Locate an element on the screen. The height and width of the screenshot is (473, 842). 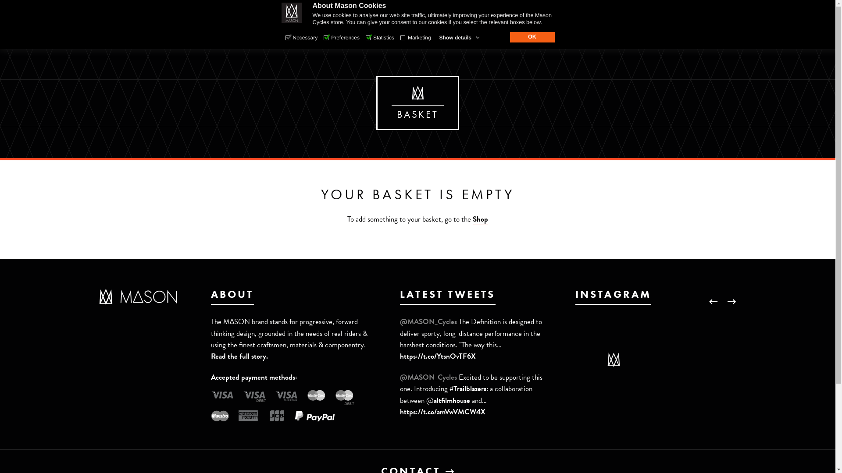
'Read the full story.' is located at coordinates (239, 356).